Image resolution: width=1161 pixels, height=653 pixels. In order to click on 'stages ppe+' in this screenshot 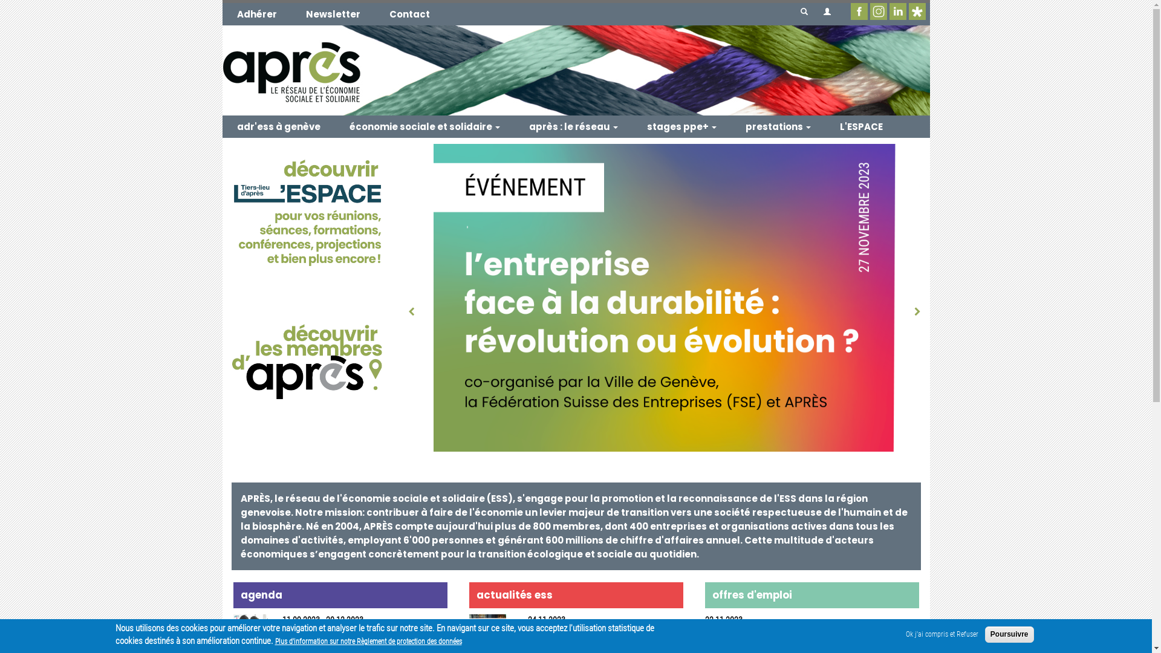, I will do `click(681, 126)`.